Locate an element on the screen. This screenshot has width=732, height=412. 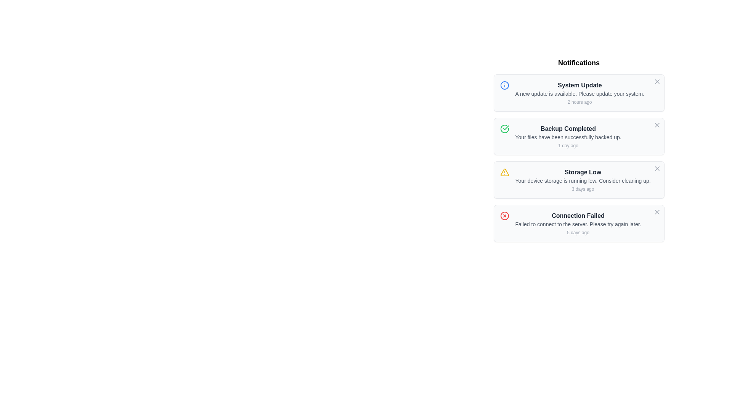
the static decorative visual indicator at the top-left corner of the 'System Update' notification card is located at coordinates (504, 85).